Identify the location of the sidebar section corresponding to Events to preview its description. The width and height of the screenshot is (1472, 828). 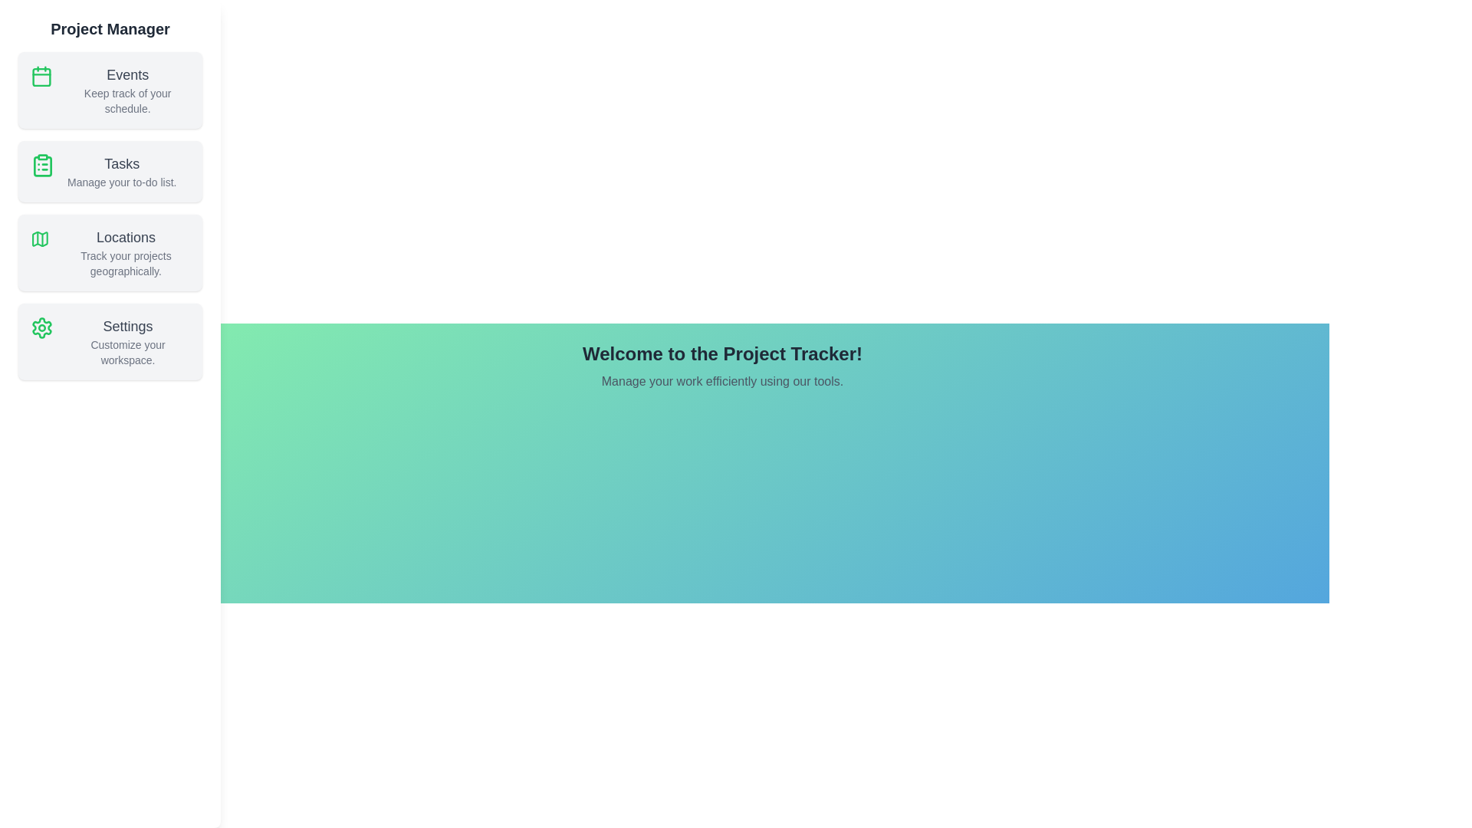
(110, 90).